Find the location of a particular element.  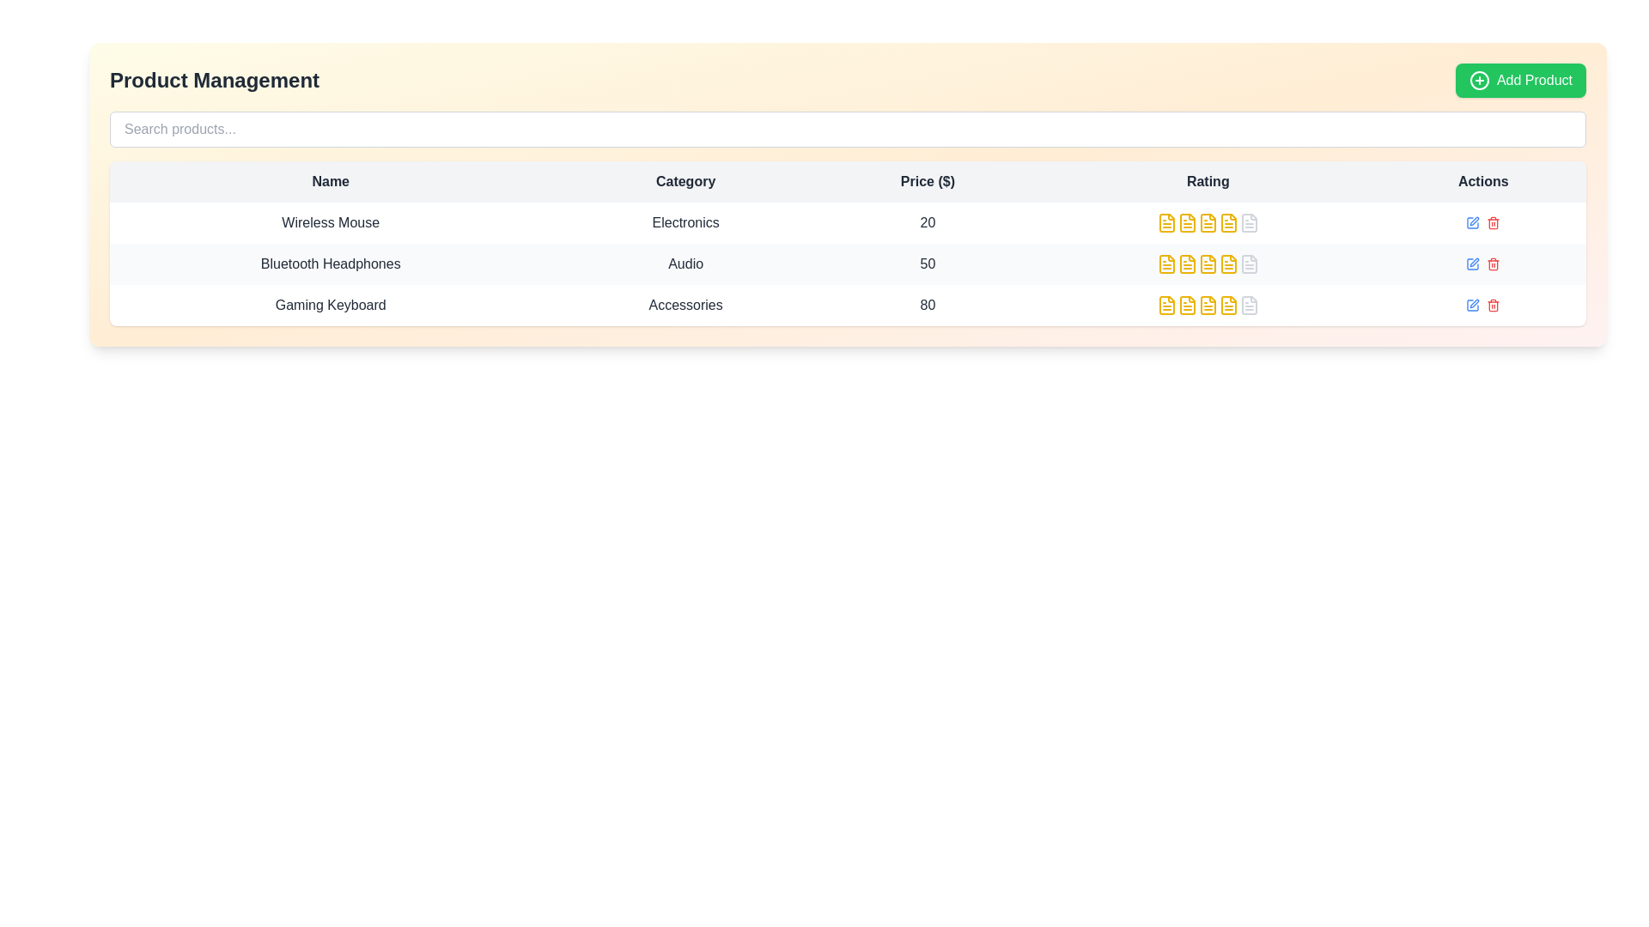

the fourth yellow document icon in the 'Rating' column of the table row labeled 'Bluetooth Headphones' priced at '50' is located at coordinates (1207, 264).